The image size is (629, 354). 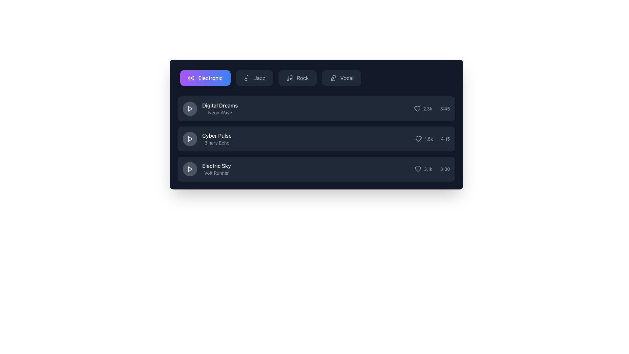 What do you see at coordinates (316, 139) in the screenshot?
I see `the second selectable list item in the playlist` at bounding box center [316, 139].